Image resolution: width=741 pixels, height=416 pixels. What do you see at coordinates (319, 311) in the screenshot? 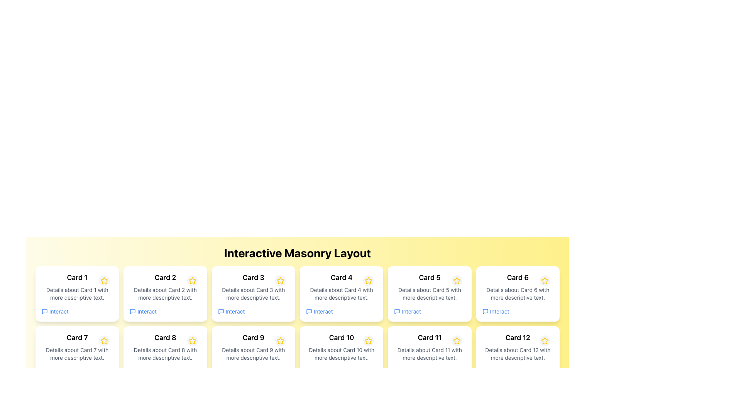
I see `the hyperlink element styled as text with an associated icon located at the bottom of 'Card 4'` at bounding box center [319, 311].